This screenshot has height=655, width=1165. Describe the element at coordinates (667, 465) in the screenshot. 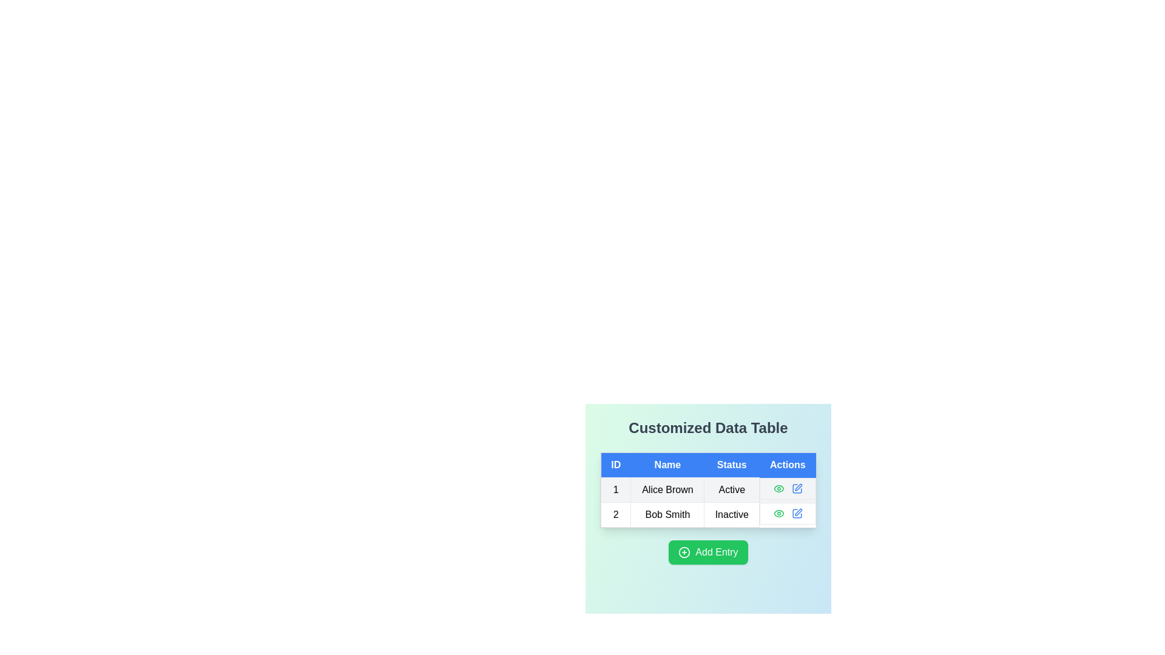

I see `the table header element labeled 'Name', which is the second column header in a data table with a blue background and centered white text` at that location.